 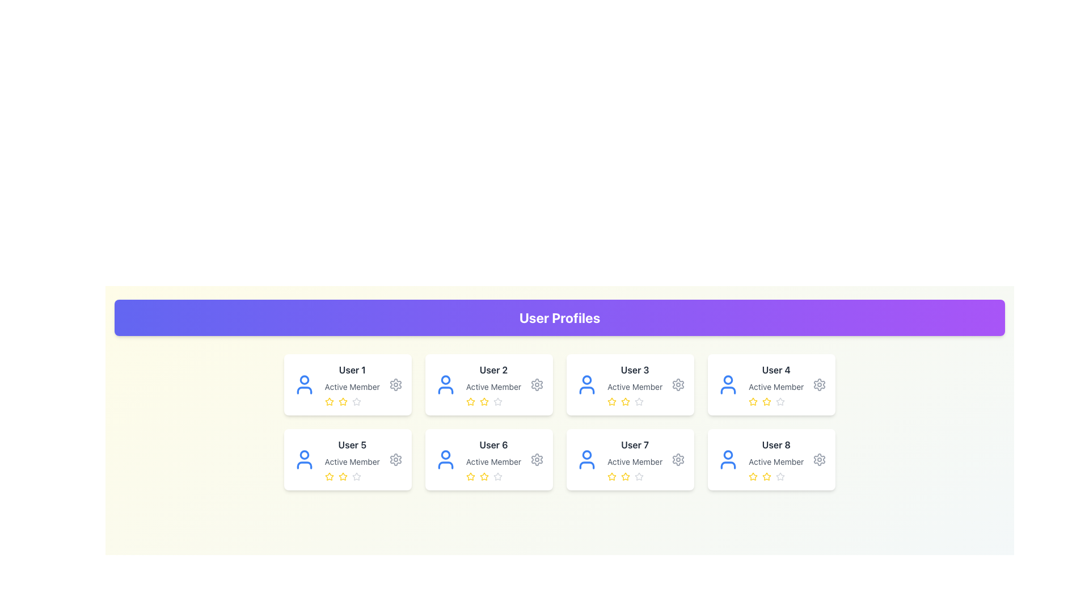 I want to click on the second star in the rating row for 'User 2' in the upper-right profile card within the 'User Profiles' section, so click(x=470, y=401).